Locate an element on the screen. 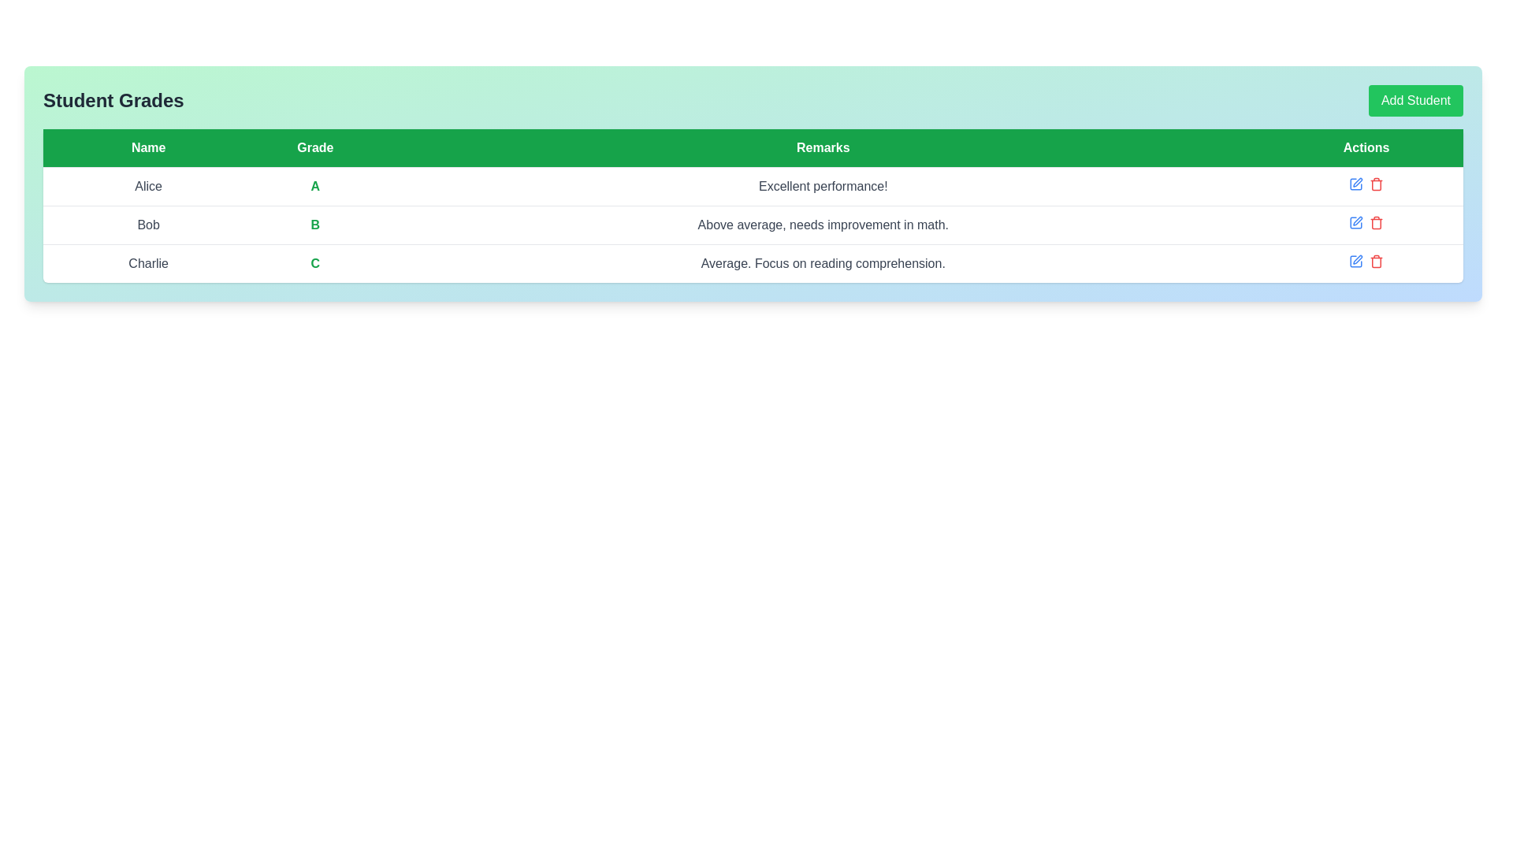  the first blue interactive button in the 'Actions' column corresponding to 'Alice' is located at coordinates (1355, 184).